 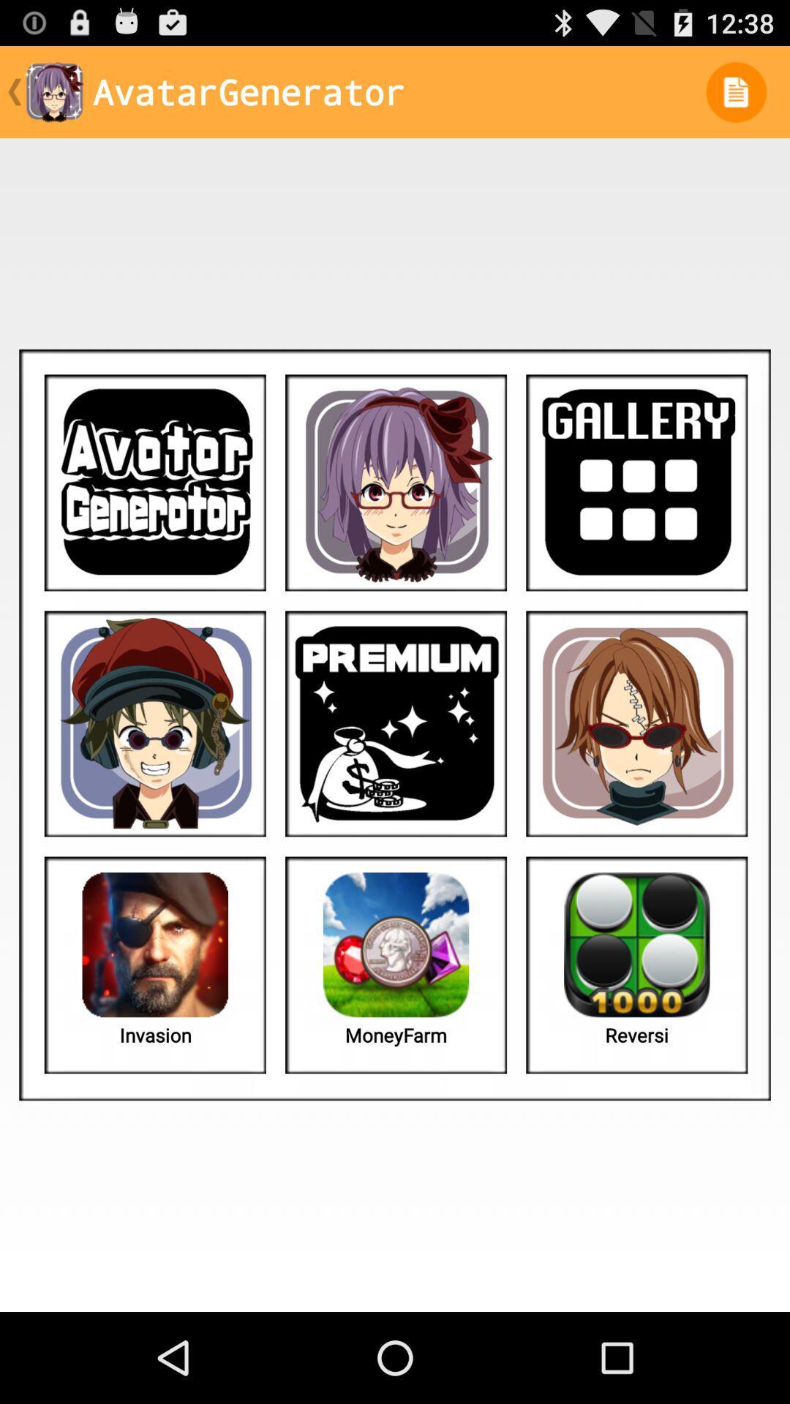 What do you see at coordinates (155, 723) in the screenshot?
I see `choose the avatar` at bounding box center [155, 723].